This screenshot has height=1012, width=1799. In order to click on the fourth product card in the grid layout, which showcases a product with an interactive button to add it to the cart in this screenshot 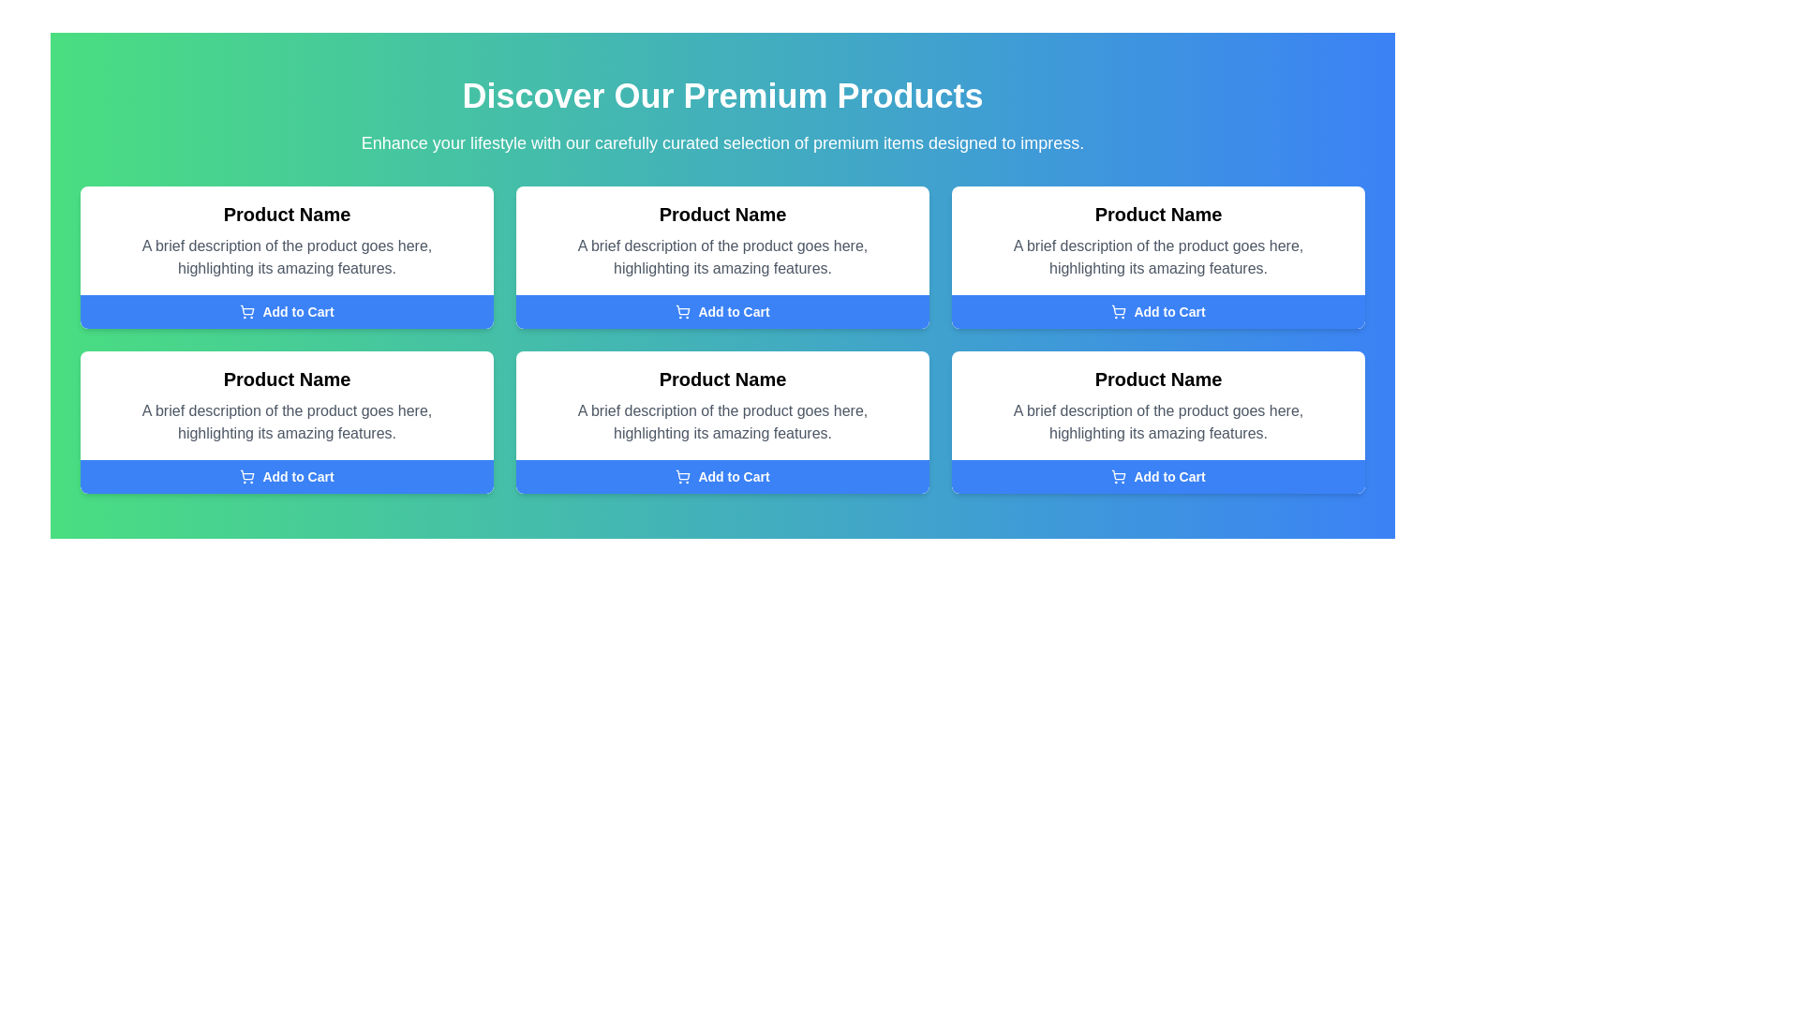, I will do `click(721, 423)`.